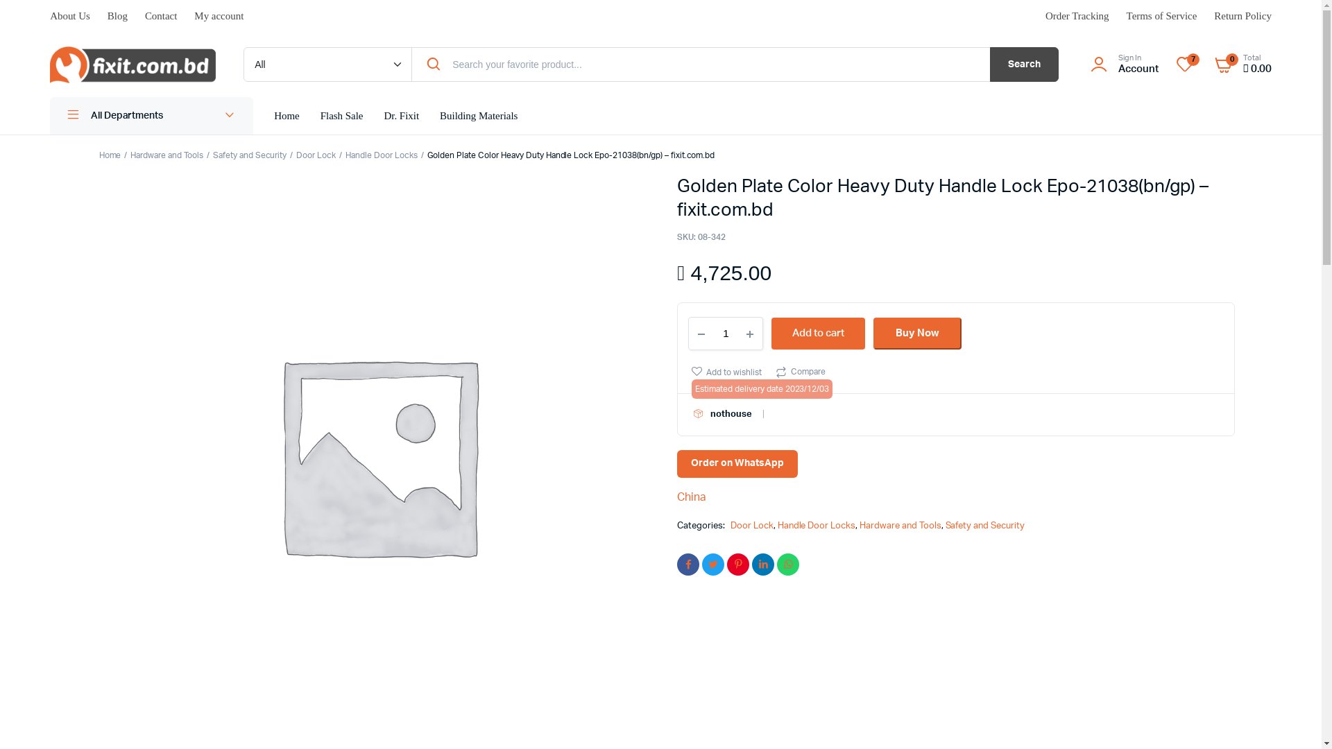 The height and width of the screenshot is (749, 1332). What do you see at coordinates (1024, 64) in the screenshot?
I see `'Search'` at bounding box center [1024, 64].